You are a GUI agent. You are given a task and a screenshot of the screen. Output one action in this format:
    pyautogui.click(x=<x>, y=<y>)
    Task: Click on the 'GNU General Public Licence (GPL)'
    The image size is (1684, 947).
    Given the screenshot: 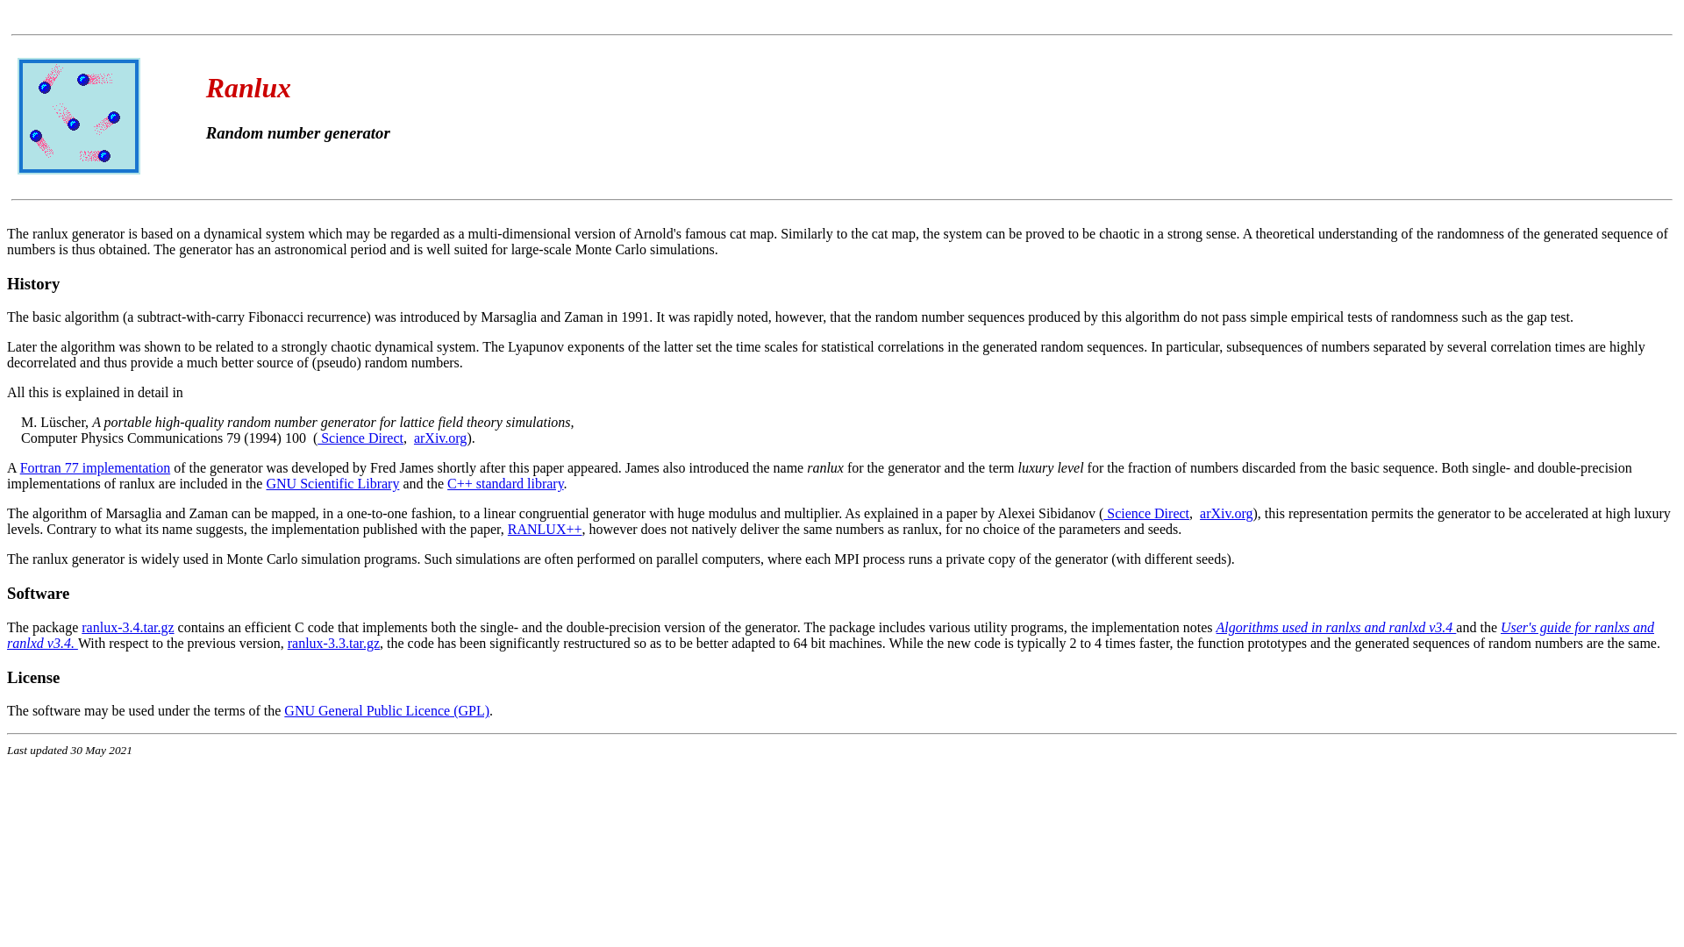 What is the action you would take?
    pyautogui.click(x=386, y=710)
    